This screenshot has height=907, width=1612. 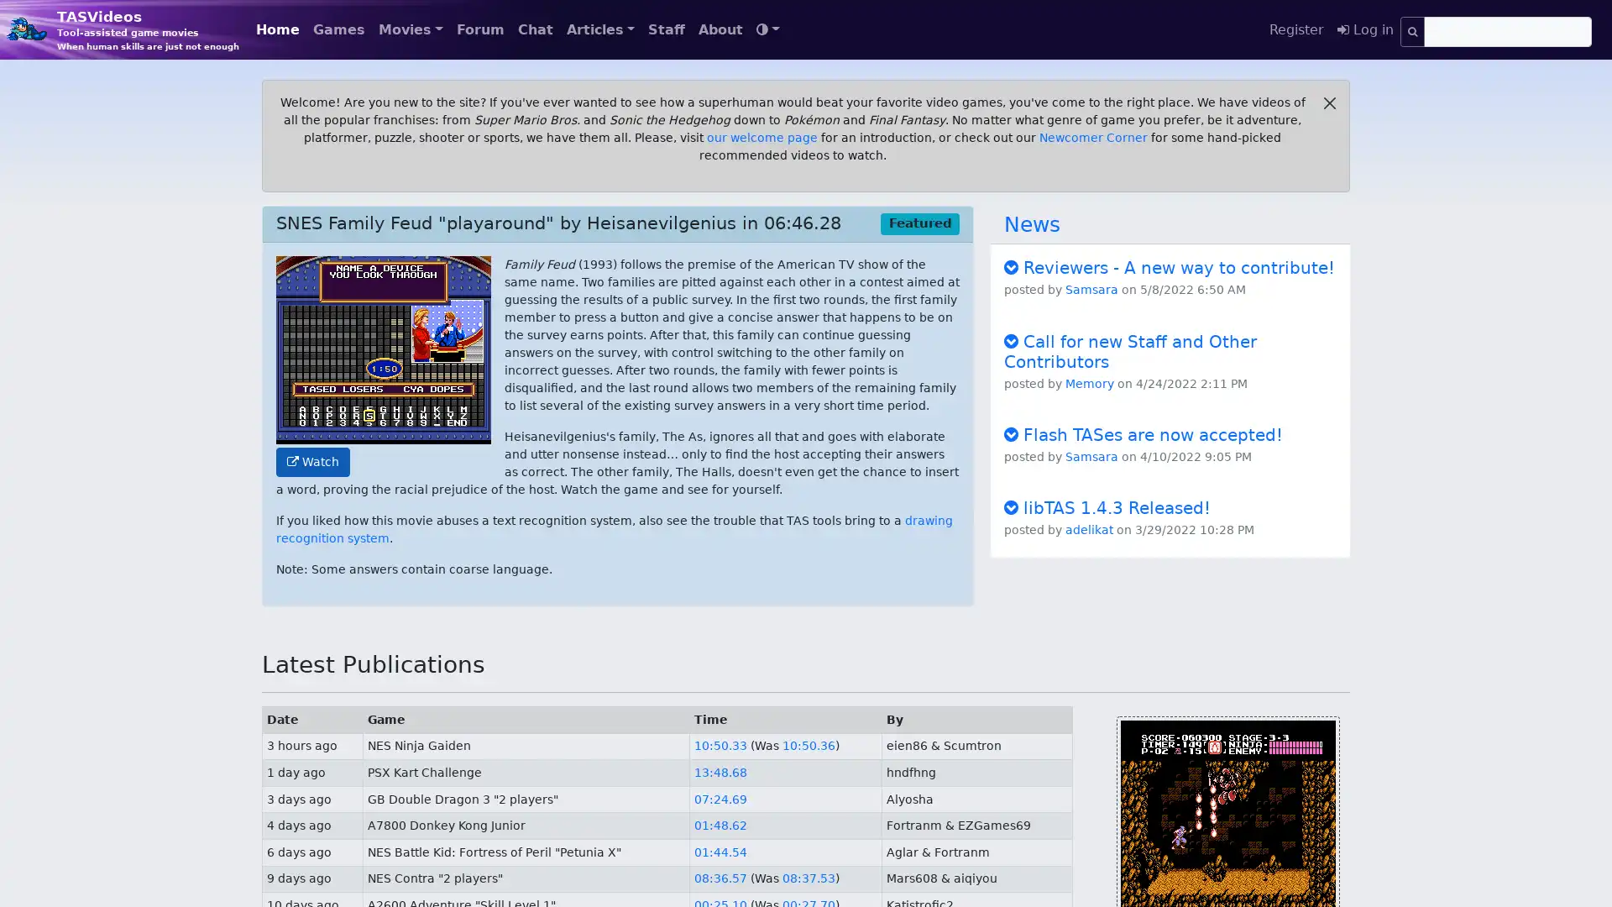 I want to click on libTAS 1.4.3 Released!, so click(x=1107, y=506).